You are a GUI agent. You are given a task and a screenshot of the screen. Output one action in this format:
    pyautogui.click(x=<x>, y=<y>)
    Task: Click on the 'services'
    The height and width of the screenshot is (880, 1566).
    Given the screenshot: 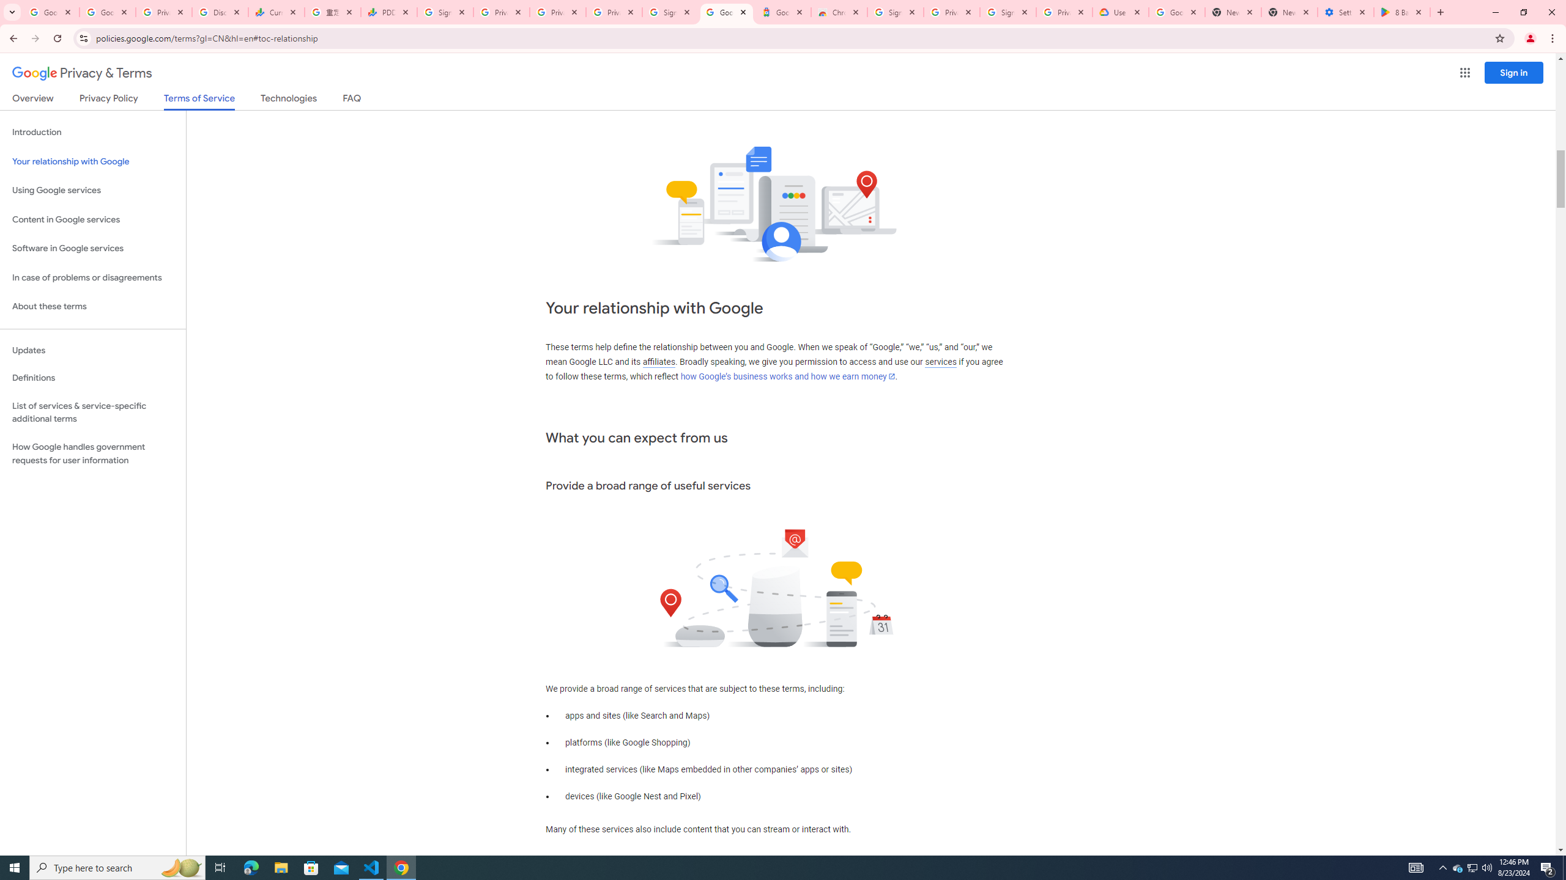 What is the action you would take?
    pyautogui.click(x=940, y=361)
    